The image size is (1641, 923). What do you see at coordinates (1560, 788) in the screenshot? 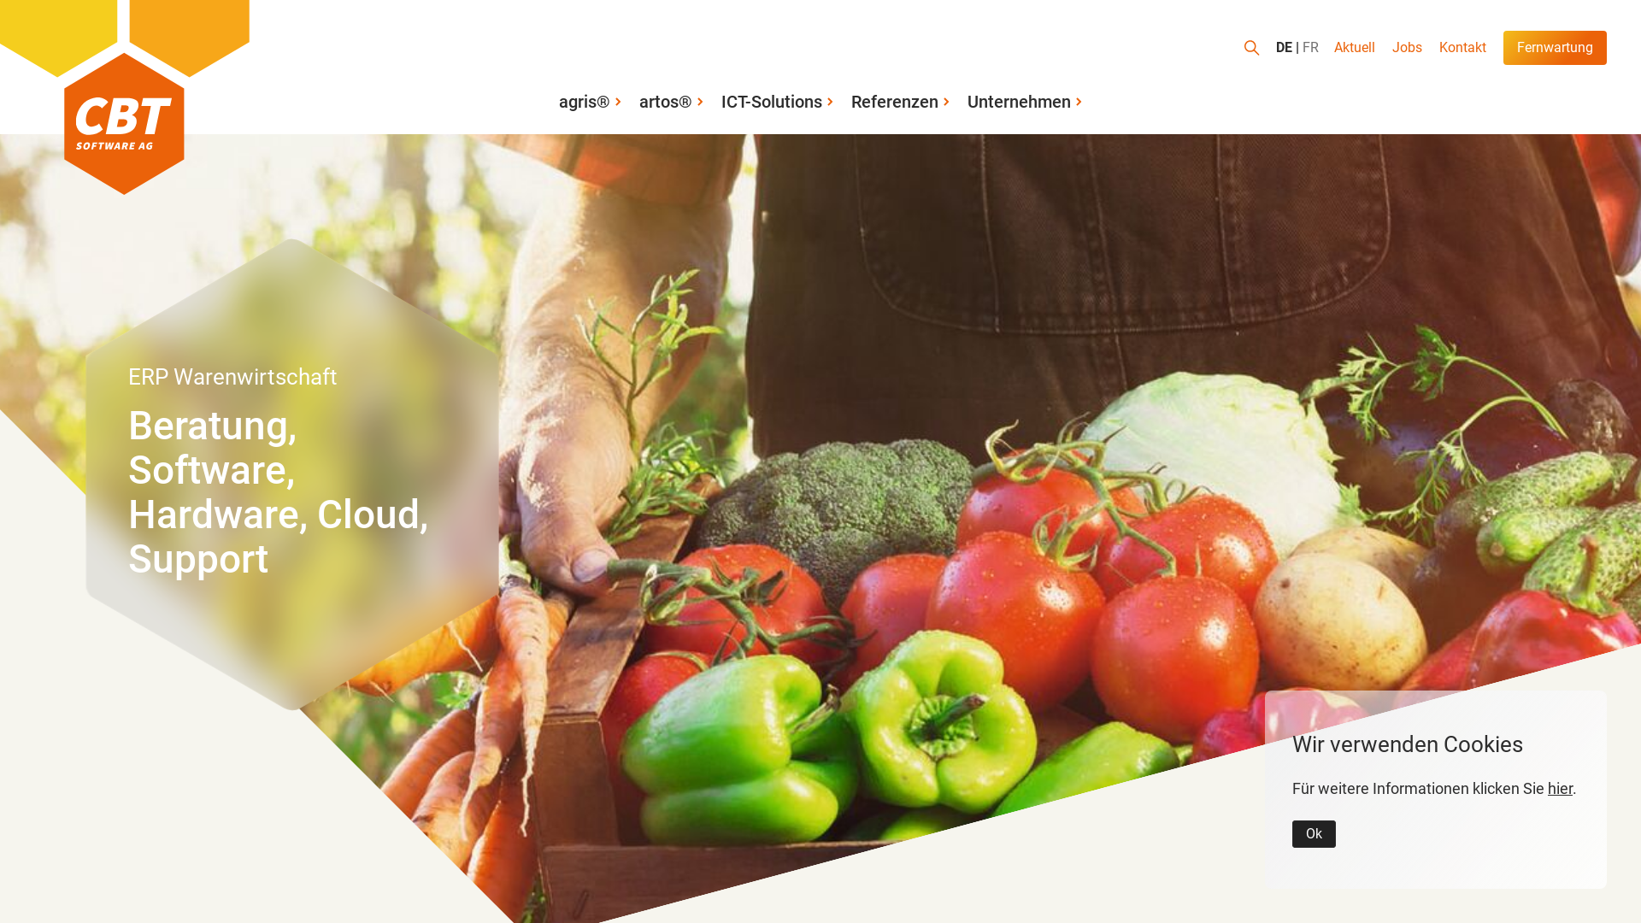
I see `'hier'` at bounding box center [1560, 788].